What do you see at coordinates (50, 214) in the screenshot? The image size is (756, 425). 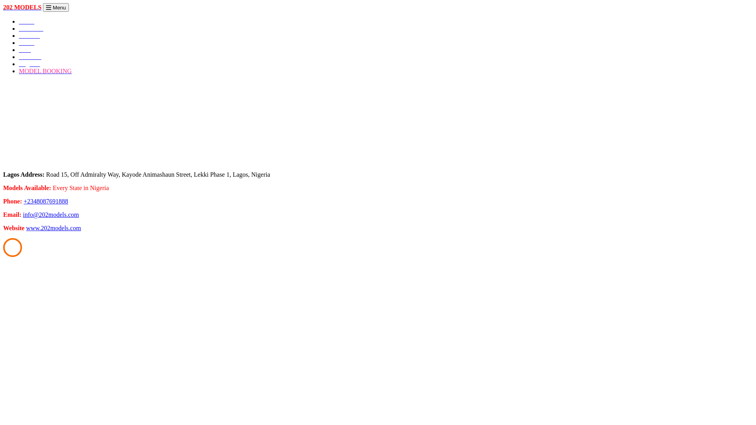 I see `'info@202models.com'` at bounding box center [50, 214].